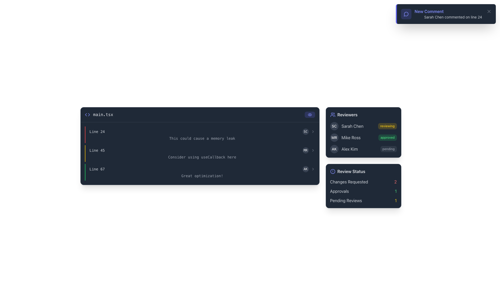 The width and height of the screenshot is (500, 281). Describe the element at coordinates (202, 138) in the screenshot. I see `the comment text that describes a potential memory leak, located below 'Line 24' in the code review interface` at that location.